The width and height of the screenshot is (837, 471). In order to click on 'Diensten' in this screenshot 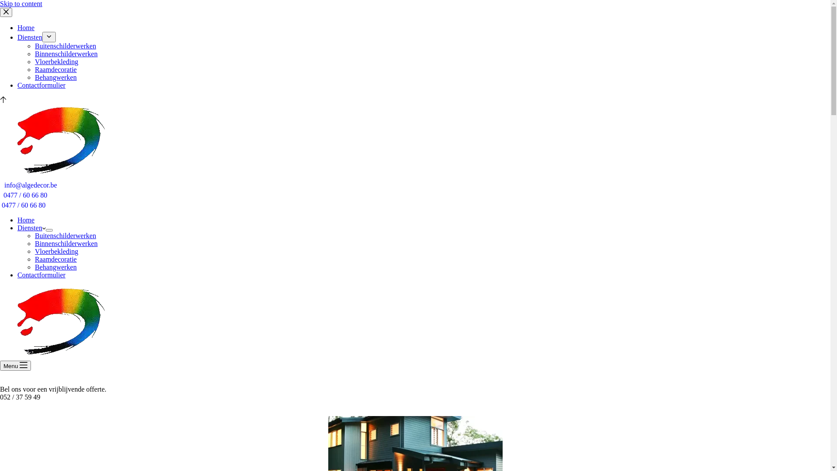, I will do `click(30, 37)`.